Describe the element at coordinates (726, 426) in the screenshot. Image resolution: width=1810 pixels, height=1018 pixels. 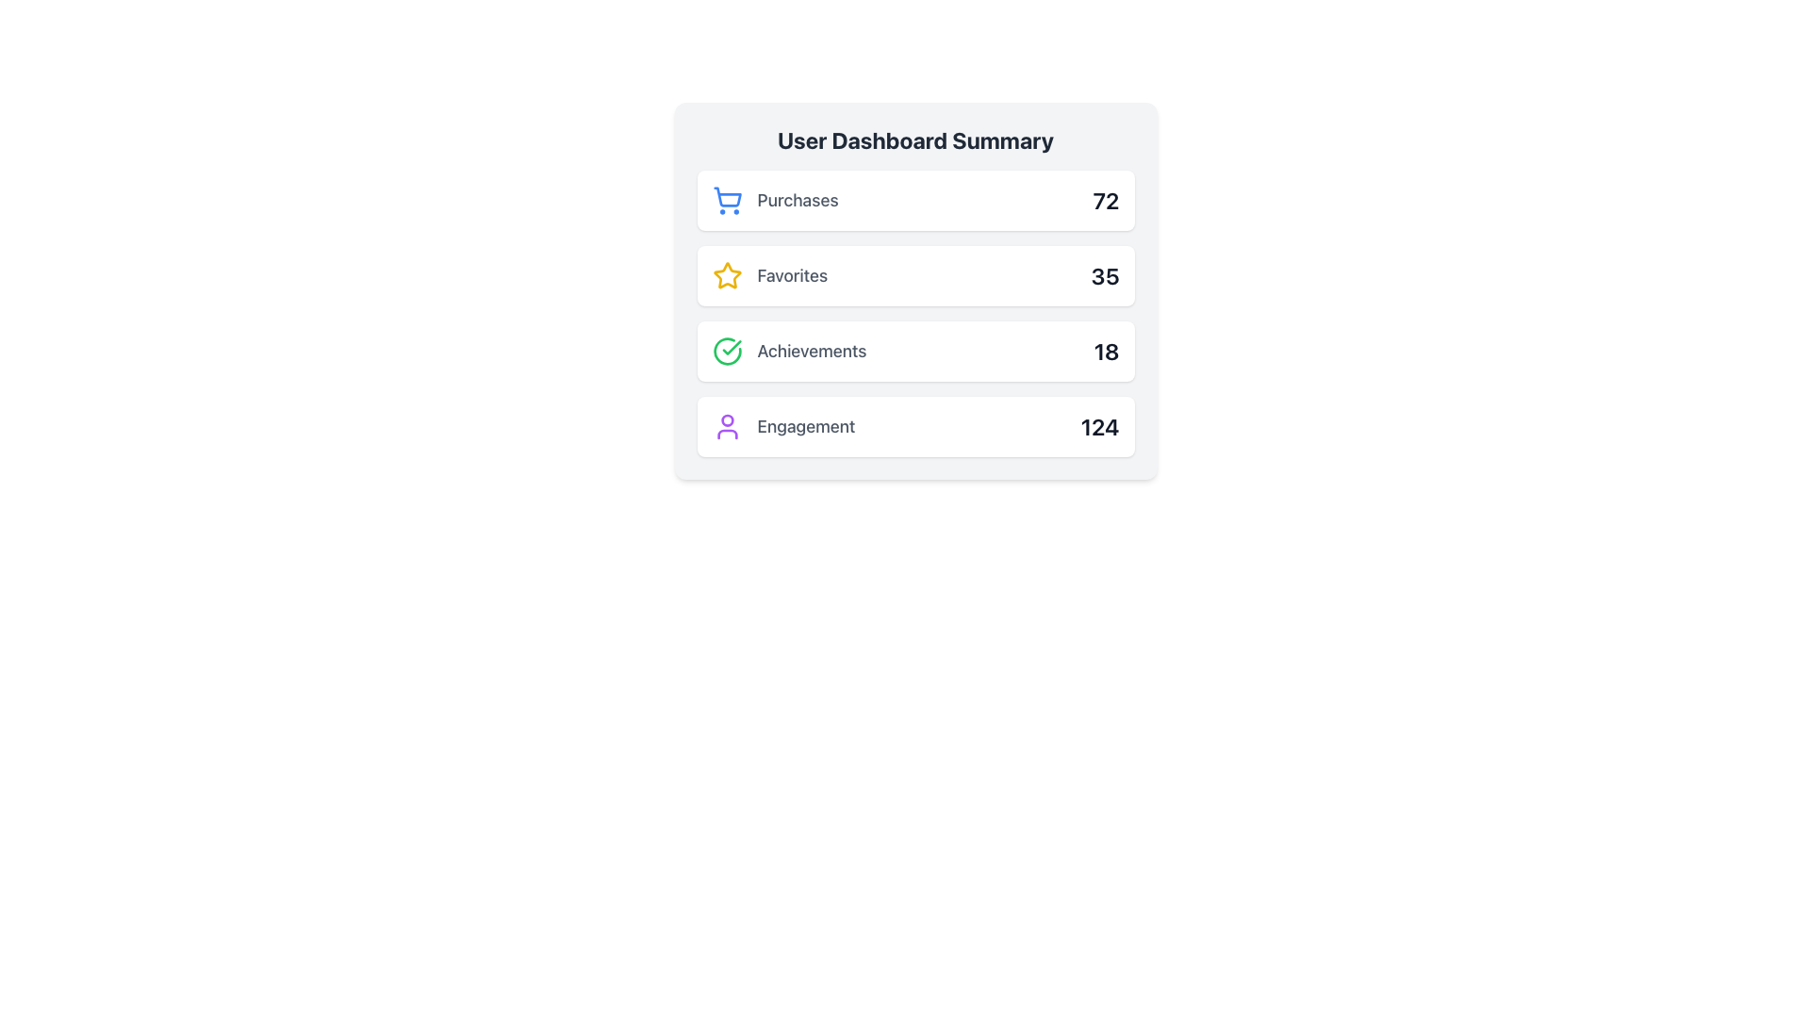
I see `the icon representing user engagement in the fourth row of the 'User Dashboard Summary' card, located before the label 'Engagement'` at that location.